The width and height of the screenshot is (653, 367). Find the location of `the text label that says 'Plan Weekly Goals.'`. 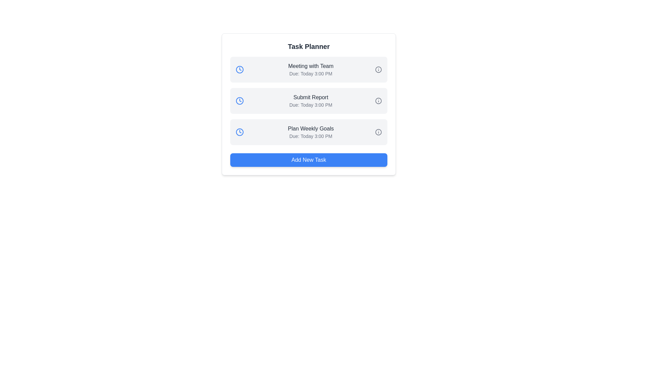

the text label that says 'Plan Weekly Goals.' is located at coordinates (310, 128).